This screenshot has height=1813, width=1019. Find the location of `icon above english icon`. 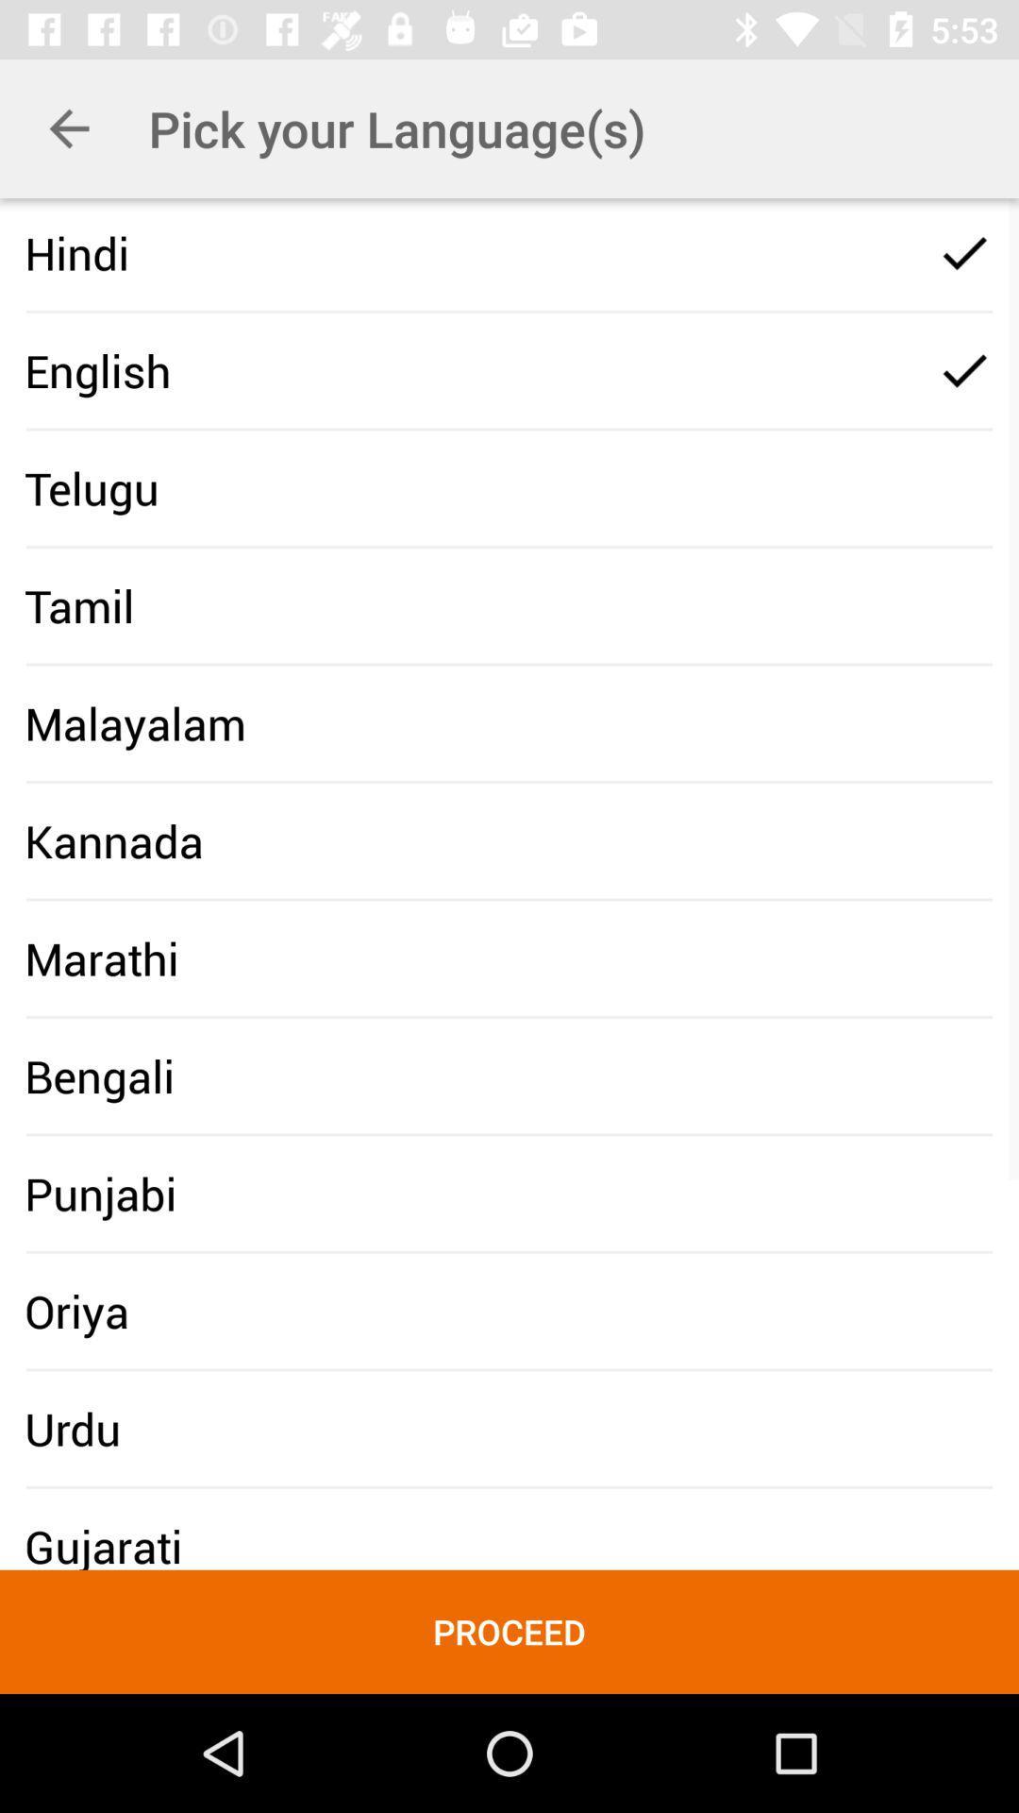

icon above english icon is located at coordinates (75, 252).